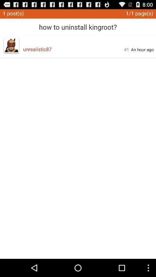  I want to click on the item next to #1, so click(142, 49).